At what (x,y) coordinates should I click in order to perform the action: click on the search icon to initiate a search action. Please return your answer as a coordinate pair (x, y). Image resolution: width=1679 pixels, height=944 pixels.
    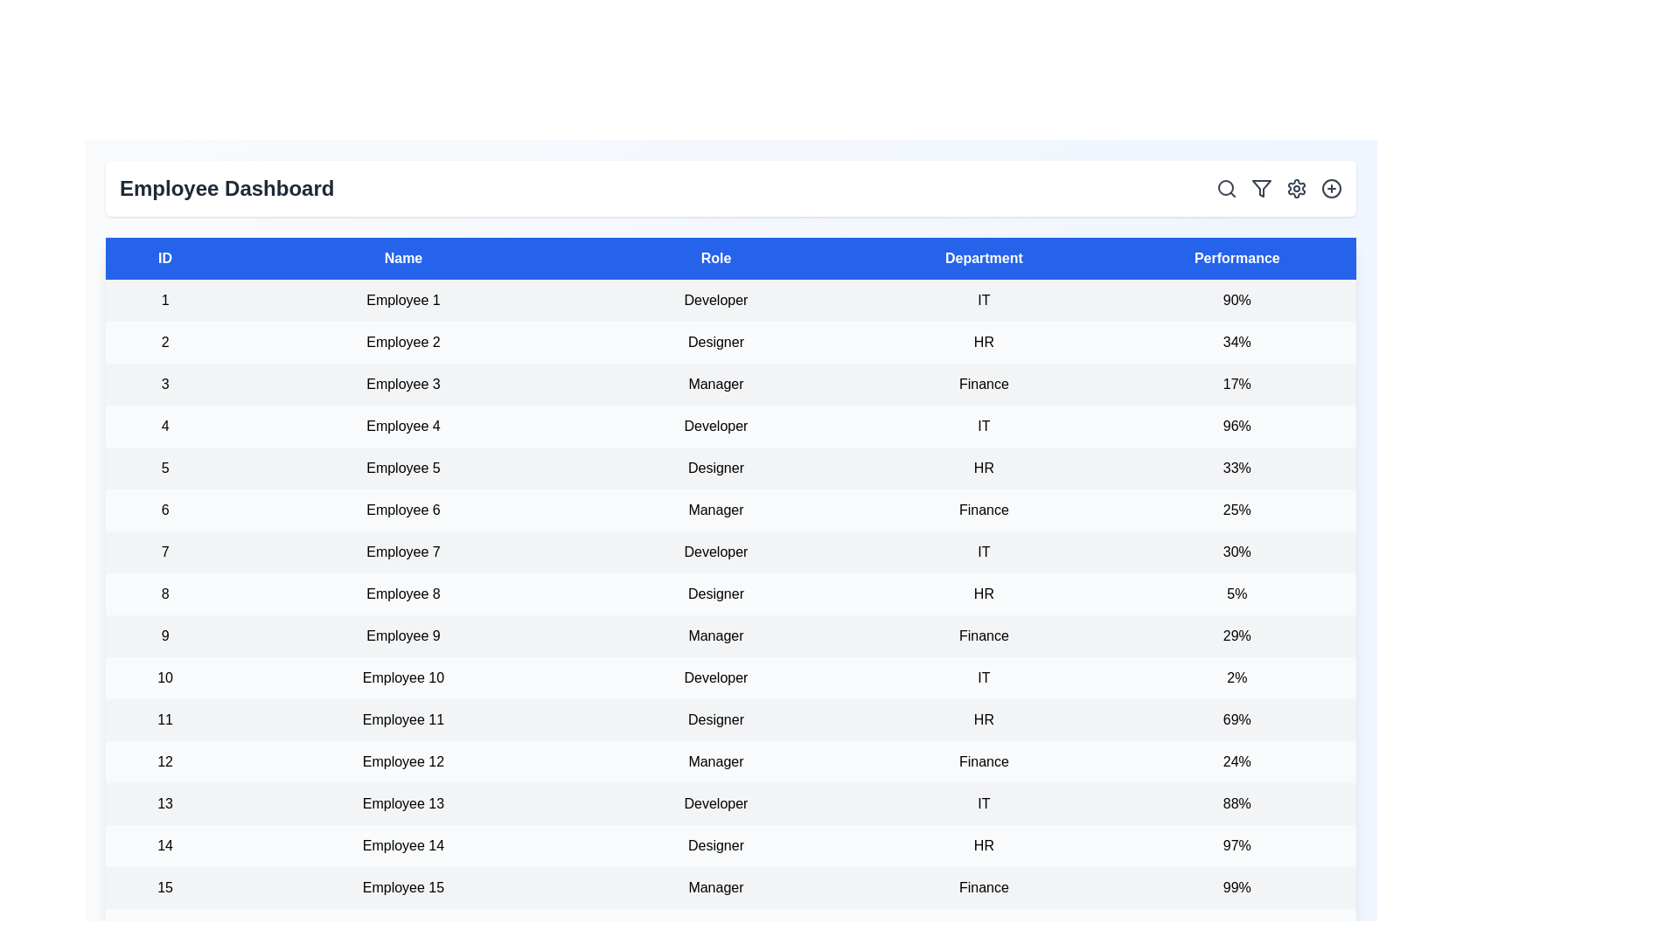
    Looking at the image, I should click on (1225, 189).